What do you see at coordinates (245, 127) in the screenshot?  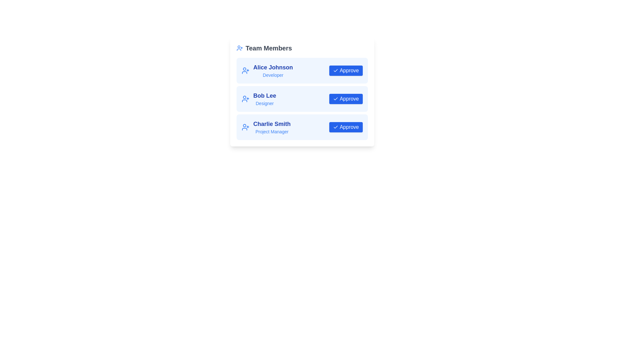 I see `the user management icon located in the top-left corner of the 'Charlie Smith, Project Manager' card, next to the name text 'Charlie Smith'` at bounding box center [245, 127].